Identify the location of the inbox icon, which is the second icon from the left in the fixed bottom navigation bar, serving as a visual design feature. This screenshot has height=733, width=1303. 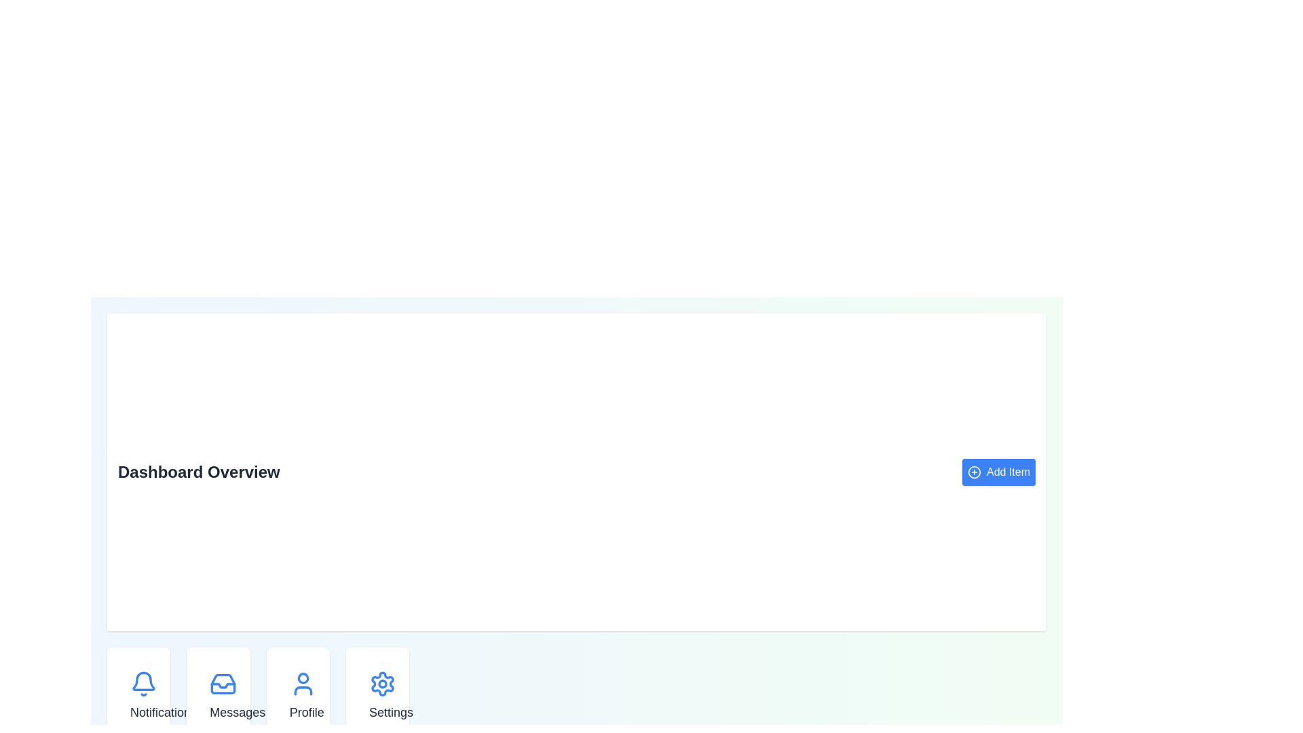
(223, 683).